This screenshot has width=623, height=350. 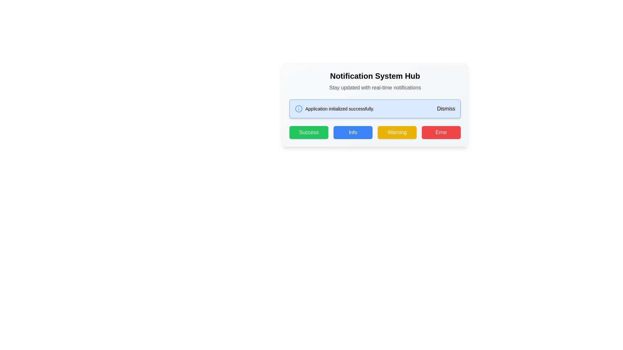 What do you see at coordinates (353, 132) in the screenshot?
I see `the 'Info' button, which is a blue button with white text labeled 'Info', located at the bottom-center of the dialog, between the 'Success' and 'Warning' buttons` at bounding box center [353, 132].